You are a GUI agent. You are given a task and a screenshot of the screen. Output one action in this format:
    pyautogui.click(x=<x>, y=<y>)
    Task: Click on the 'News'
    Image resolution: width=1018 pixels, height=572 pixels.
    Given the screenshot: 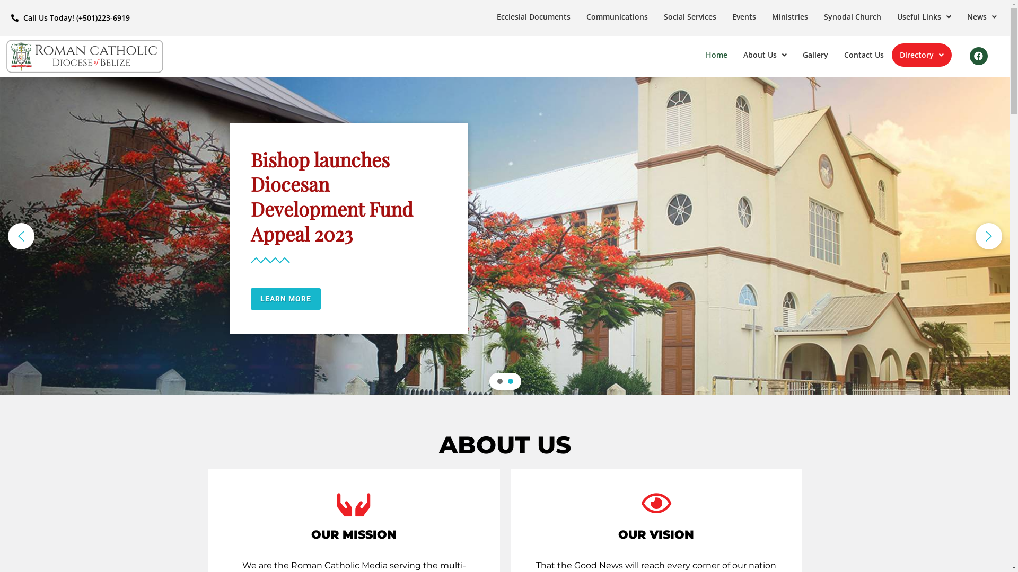 What is the action you would take?
    pyautogui.click(x=981, y=16)
    